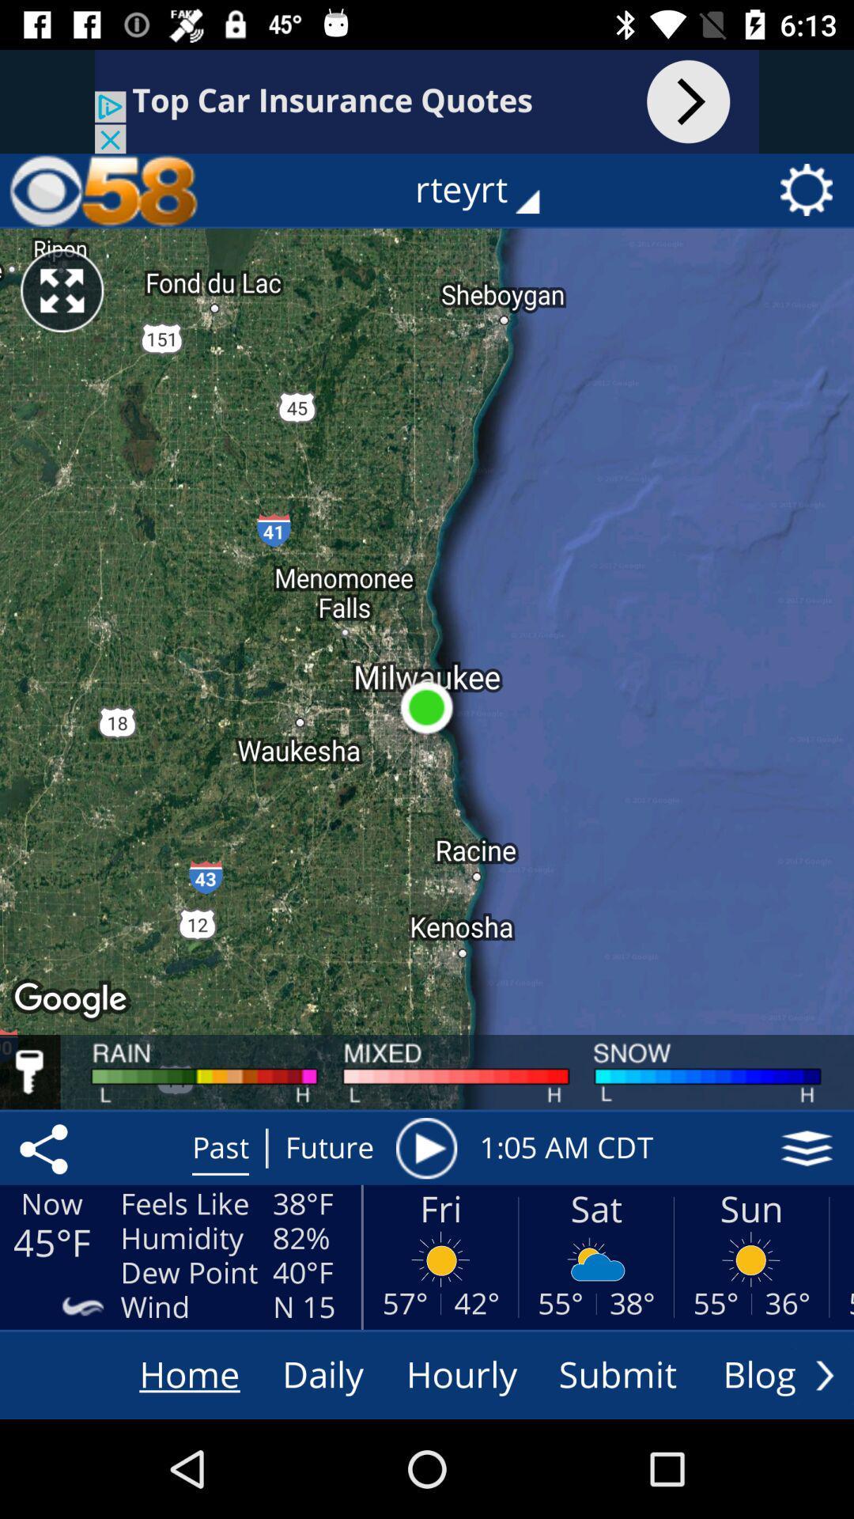 The height and width of the screenshot is (1519, 854). I want to click on return, so click(824, 1374).